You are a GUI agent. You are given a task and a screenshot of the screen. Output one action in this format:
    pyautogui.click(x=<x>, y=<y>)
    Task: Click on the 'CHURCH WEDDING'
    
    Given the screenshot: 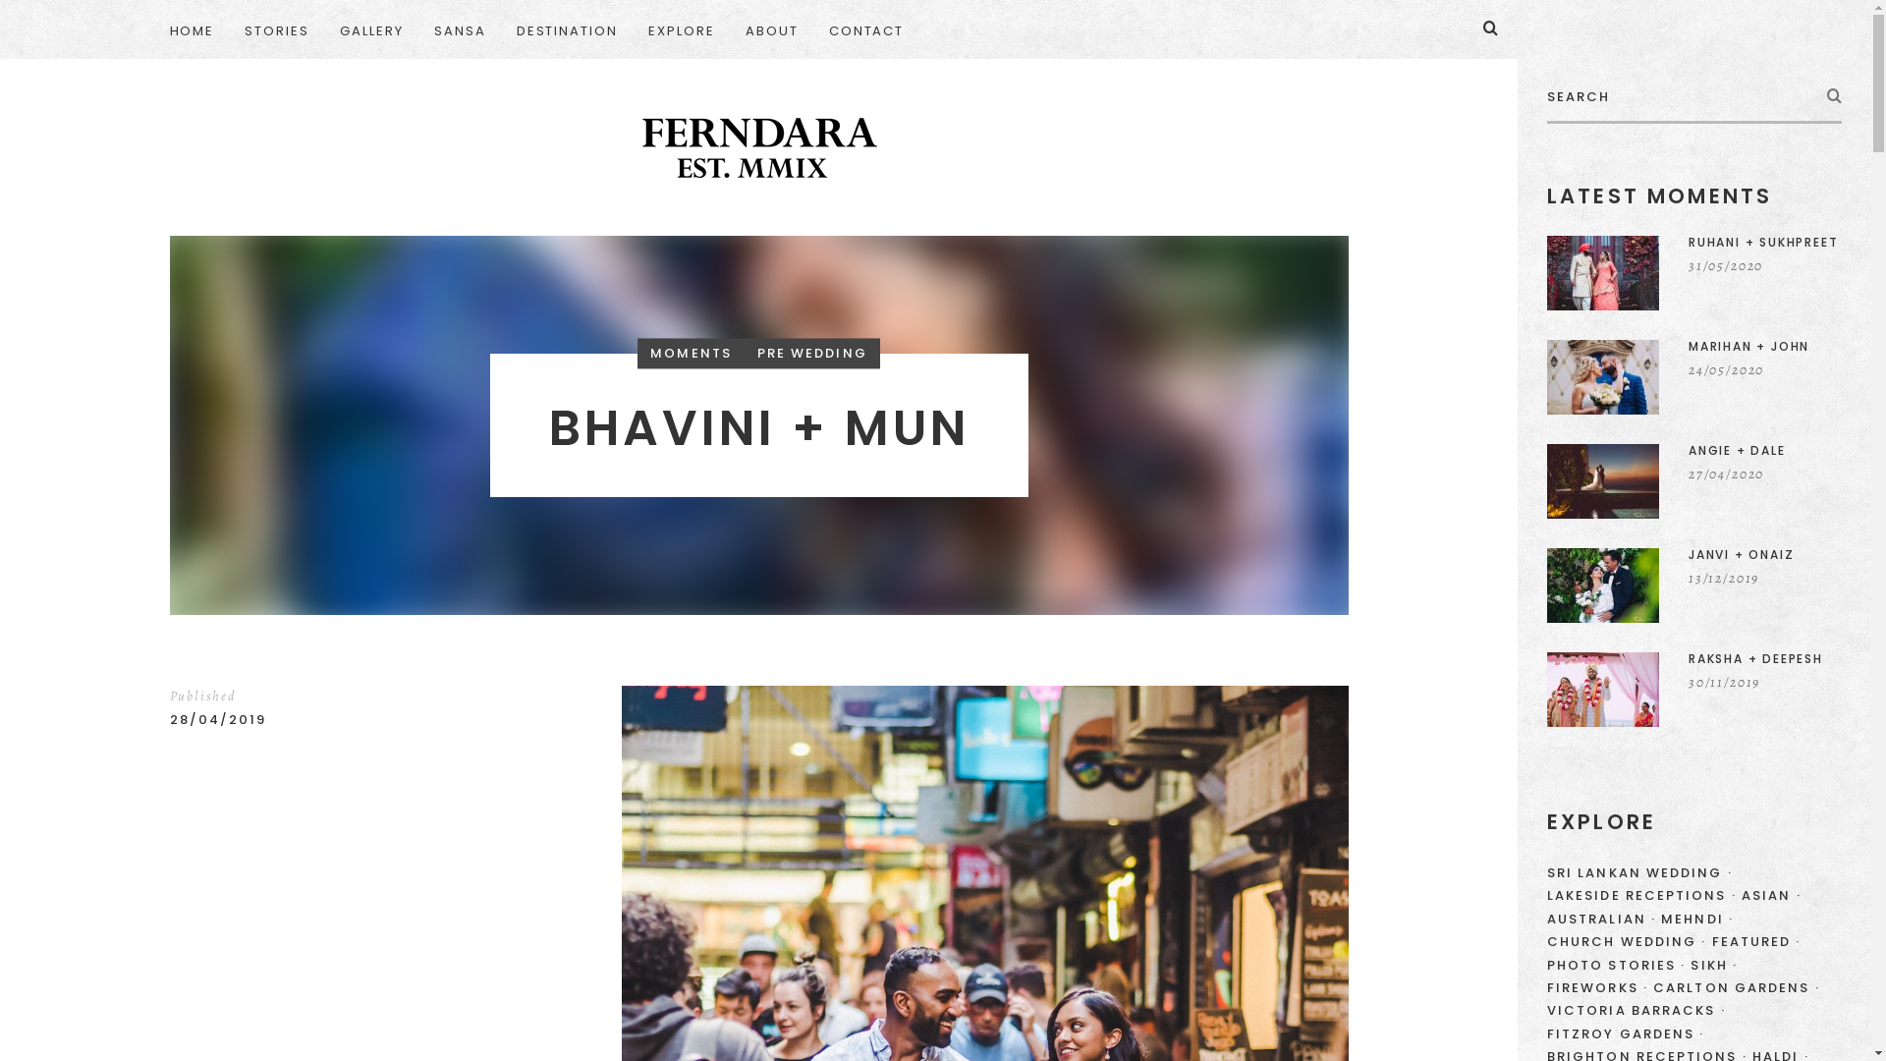 What is the action you would take?
    pyautogui.click(x=1545, y=940)
    